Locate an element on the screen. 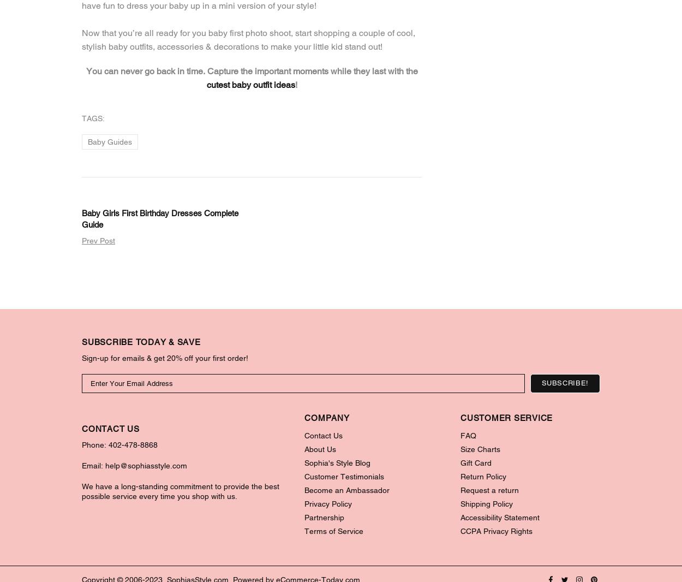  '402-478-8868' is located at coordinates (133, 444).